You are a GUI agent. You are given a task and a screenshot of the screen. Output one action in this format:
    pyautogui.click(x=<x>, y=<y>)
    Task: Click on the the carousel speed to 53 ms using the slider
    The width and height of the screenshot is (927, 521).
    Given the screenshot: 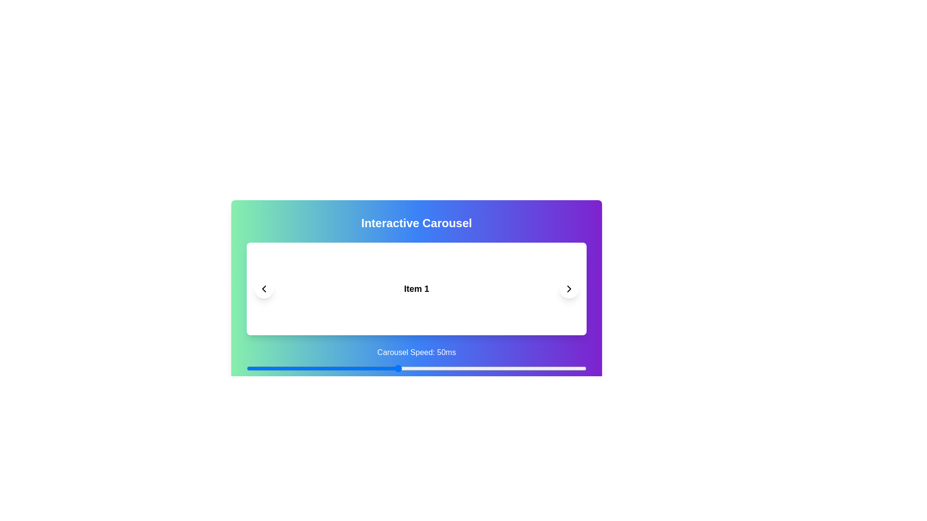 What is the action you would take?
    pyautogui.click(x=409, y=368)
    